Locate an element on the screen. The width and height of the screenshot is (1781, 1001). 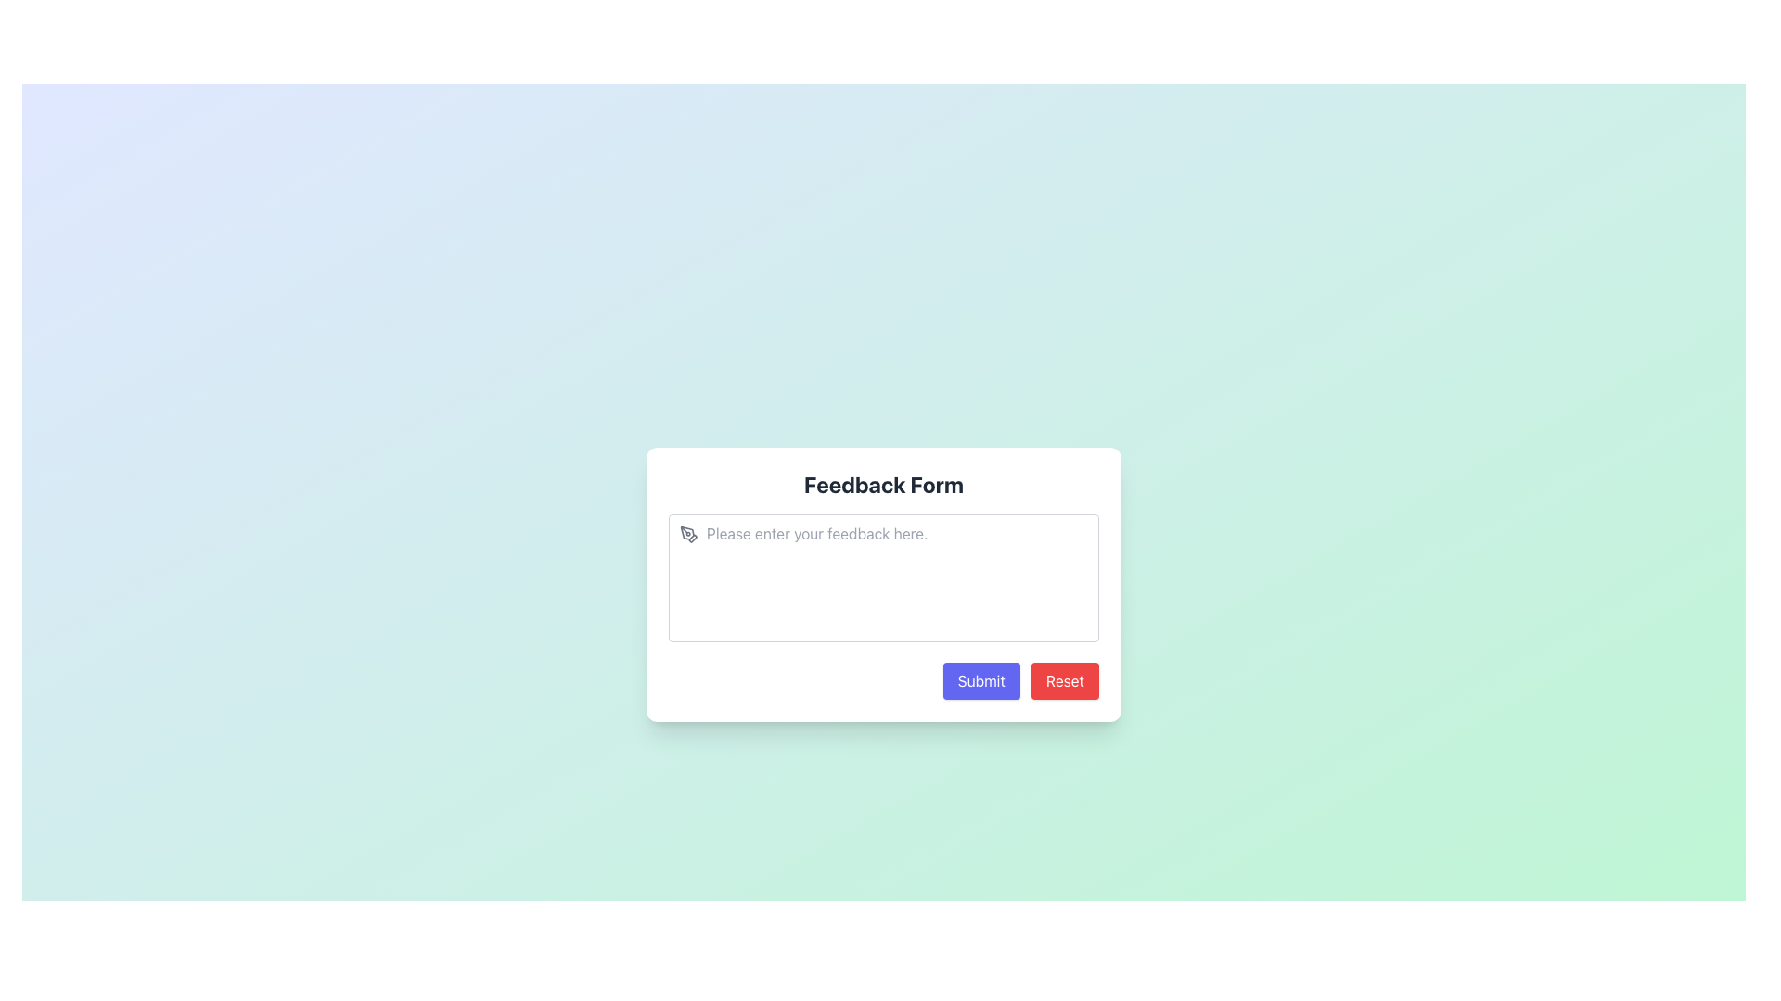
the Text Header of the feedback form located at the top section, which serves as the header indicating the purpose of the form is located at coordinates (883, 484).